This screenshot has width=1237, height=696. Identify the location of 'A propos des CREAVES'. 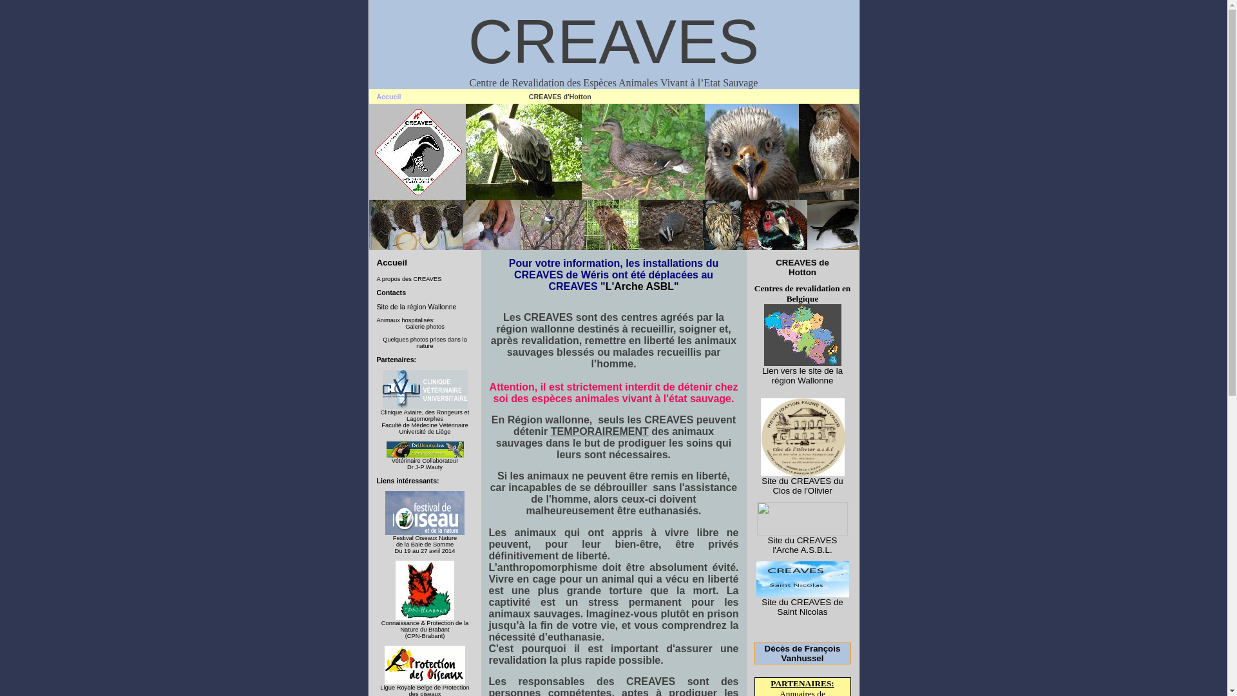
(408, 278).